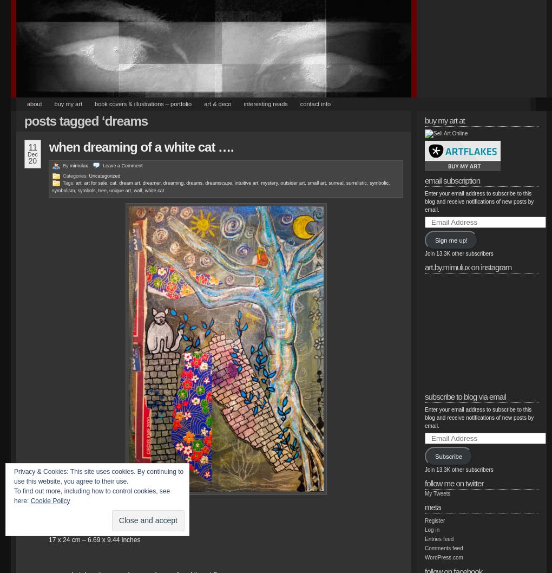 The width and height of the screenshot is (552, 573). Describe the element at coordinates (95, 183) in the screenshot. I see `'art for sale'` at that location.